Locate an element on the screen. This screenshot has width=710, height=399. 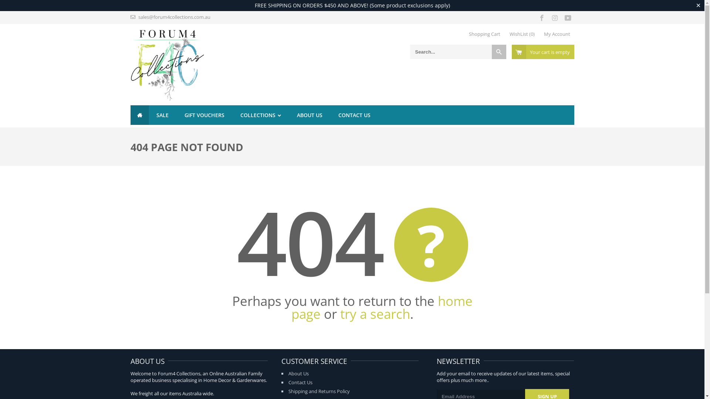
'sales@forum4collections.com.au' is located at coordinates (174, 17).